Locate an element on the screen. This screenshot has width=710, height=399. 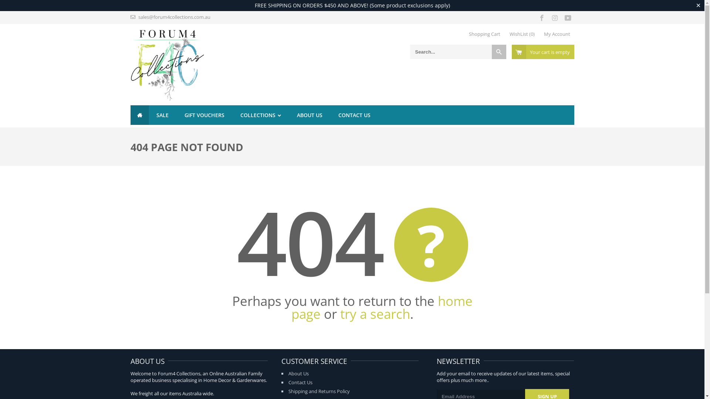
'sales@forum4collections.com.au' is located at coordinates (174, 17).